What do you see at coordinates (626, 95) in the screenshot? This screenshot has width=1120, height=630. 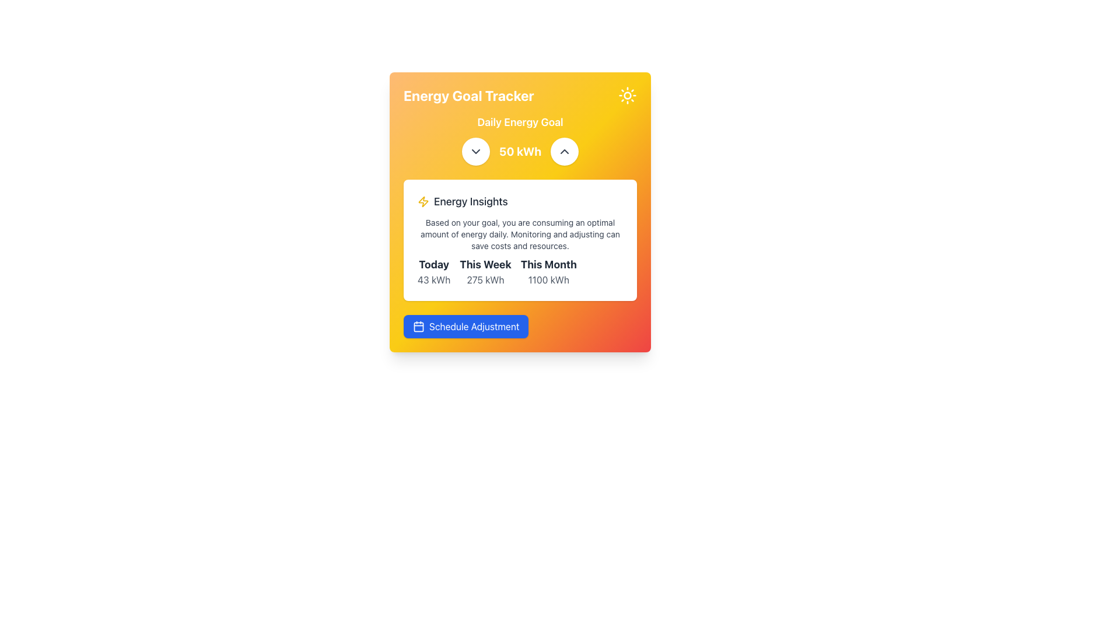 I see `the central circle of the sun icon located in the top-right corner of the 'Energy Goal Tracker' card` at bounding box center [626, 95].